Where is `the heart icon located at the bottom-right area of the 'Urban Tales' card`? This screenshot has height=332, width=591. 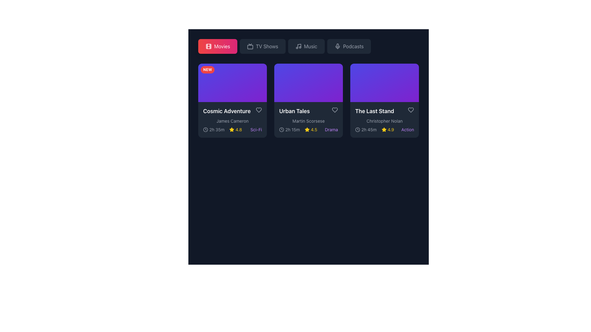 the heart icon located at the bottom-right area of the 'Urban Tales' card is located at coordinates (335, 110).